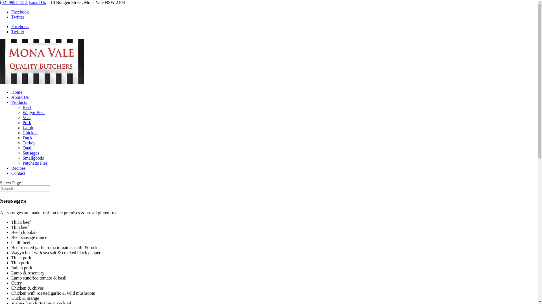 This screenshot has height=304, width=542. What do you see at coordinates (18, 32) in the screenshot?
I see `'Twitter'` at bounding box center [18, 32].